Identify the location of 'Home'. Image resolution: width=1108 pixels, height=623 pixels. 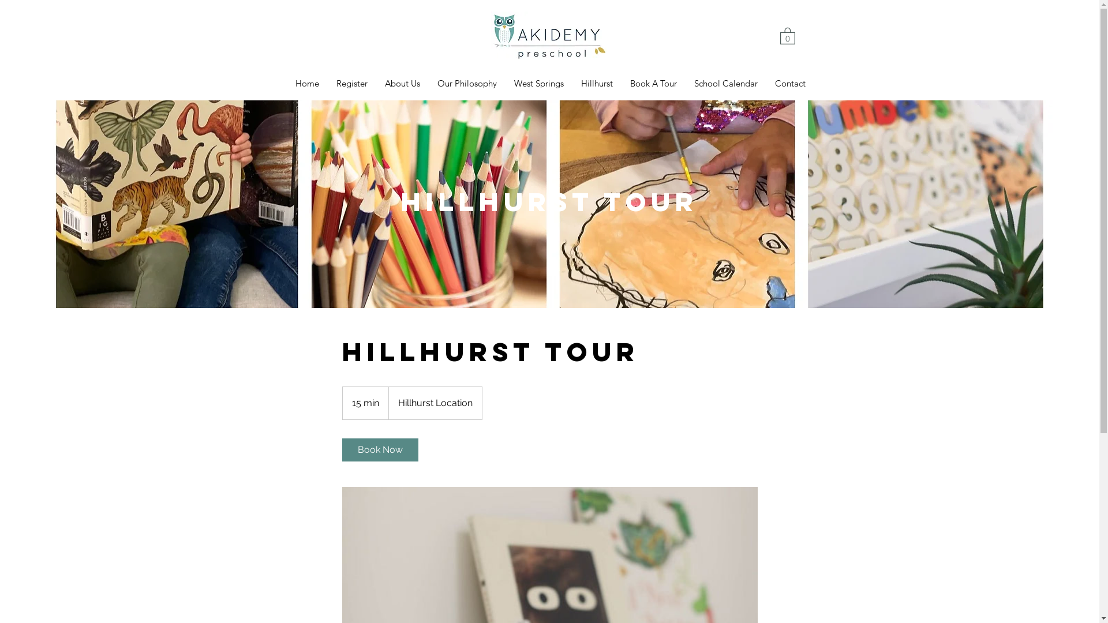
(287, 83).